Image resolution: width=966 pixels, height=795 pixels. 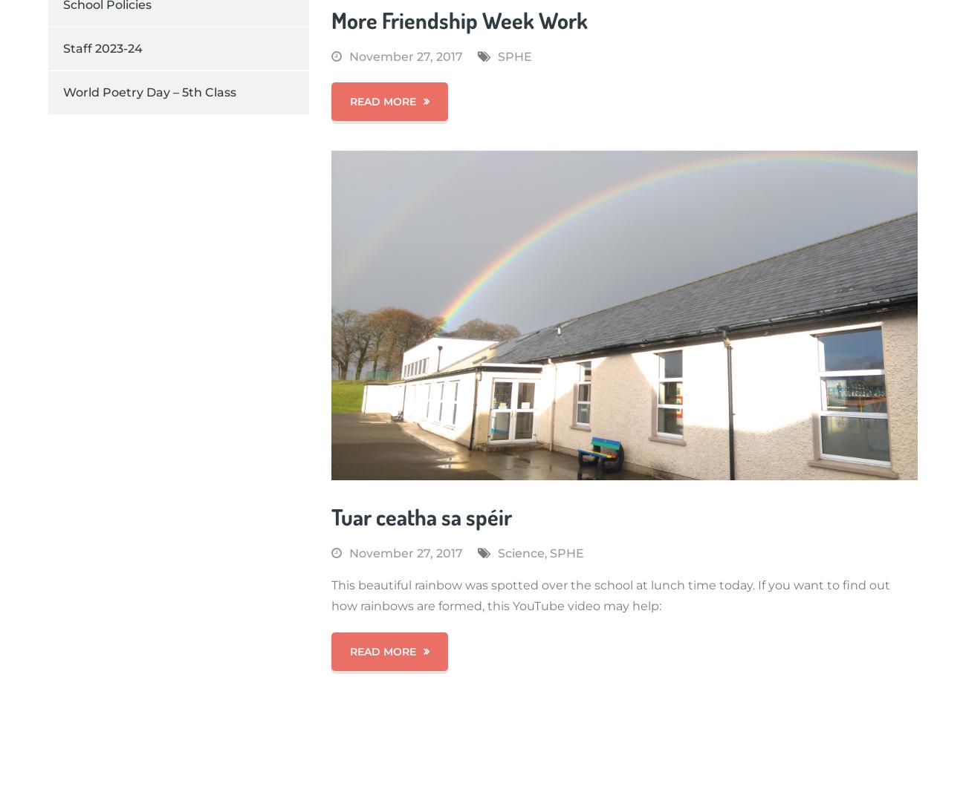 What do you see at coordinates (610, 594) in the screenshot?
I see `'This beautiful rainbow was spotted over the school at lunch time today. If you want to find out how rainbows are formed, this YouTube video may help:'` at bounding box center [610, 594].